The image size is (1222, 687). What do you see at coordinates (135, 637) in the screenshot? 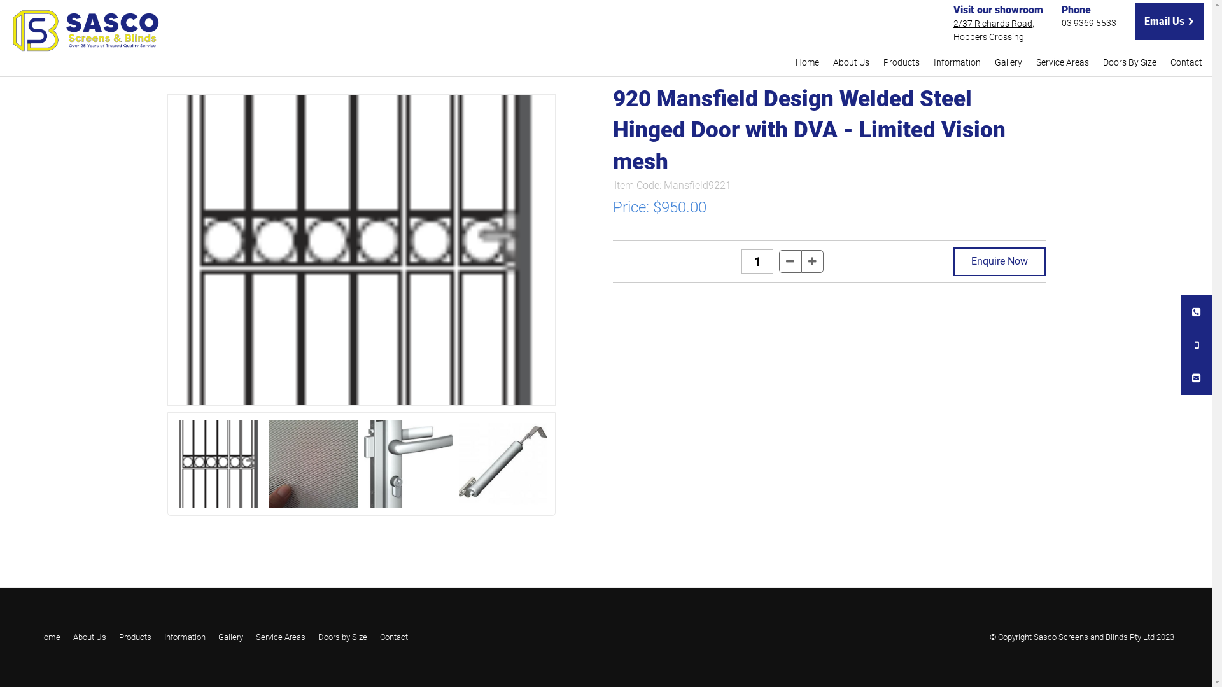
I see `'Products'` at bounding box center [135, 637].